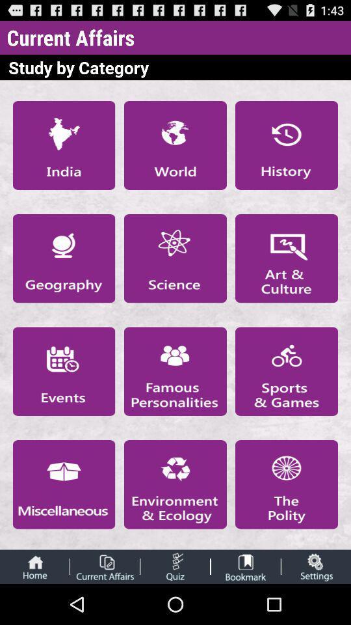 This screenshot has width=351, height=625. Describe the element at coordinates (287, 484) in the screenshot. I see `open app category` at that location.